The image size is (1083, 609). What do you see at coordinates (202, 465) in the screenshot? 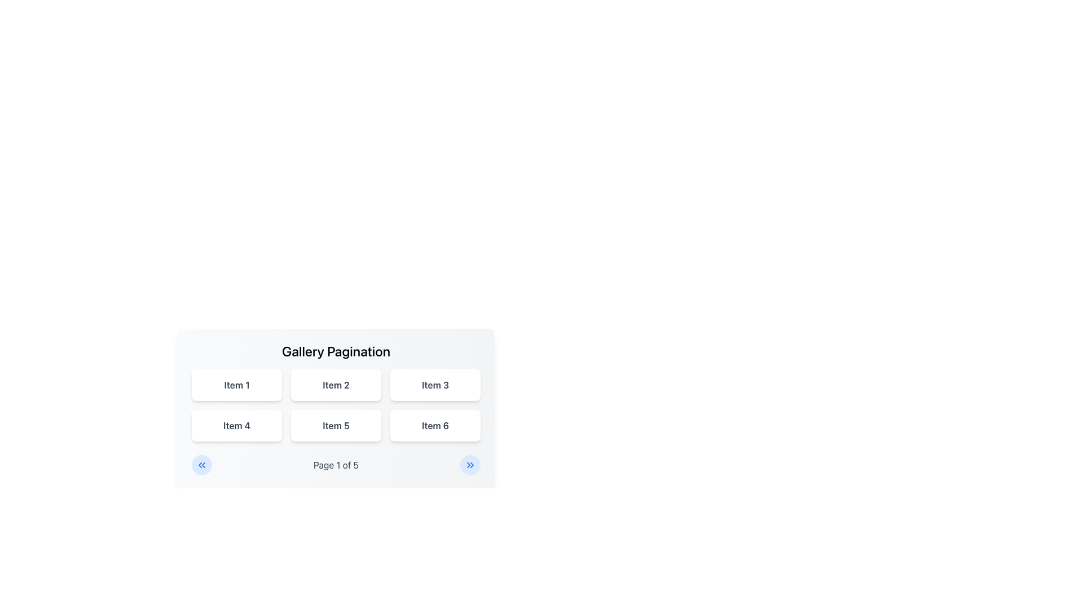
I see `the Icon within the Button that navigates to the previous page, located at the bottom-left corner of the pagination section` at bounding box center [202, 465].